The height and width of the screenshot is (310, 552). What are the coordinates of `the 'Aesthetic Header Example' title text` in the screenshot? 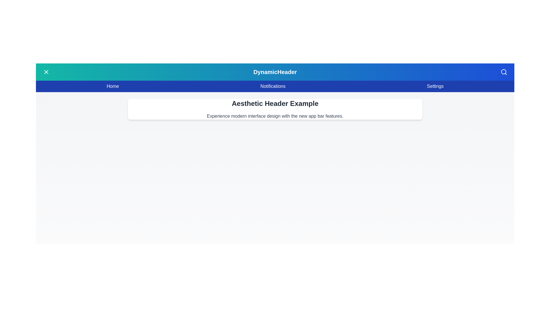 It's located at (275, 104).